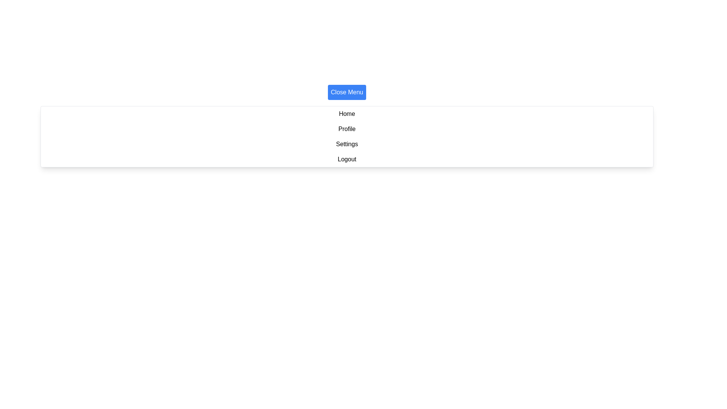  What do you see at coordinates (346, 128) in the screenshot?
I see `the 'Profile' text label in the vertical menu` at bounding box center [346, 128].